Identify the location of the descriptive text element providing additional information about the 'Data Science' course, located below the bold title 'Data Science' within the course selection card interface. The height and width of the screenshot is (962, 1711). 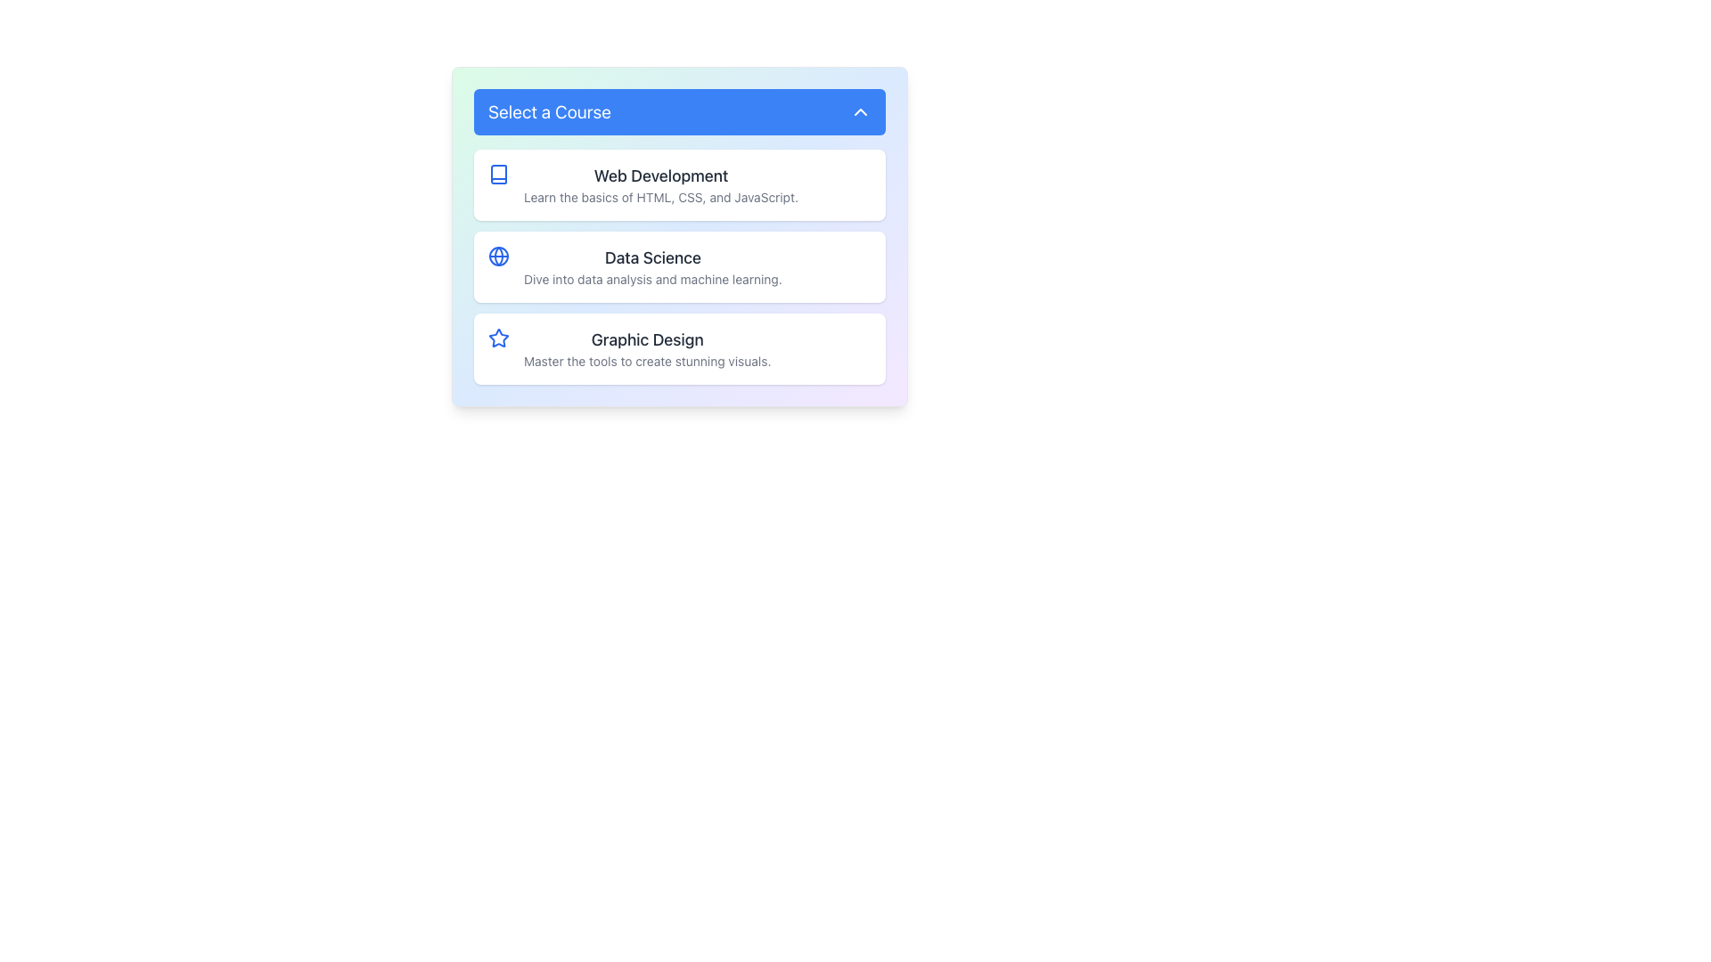
(651, 279).